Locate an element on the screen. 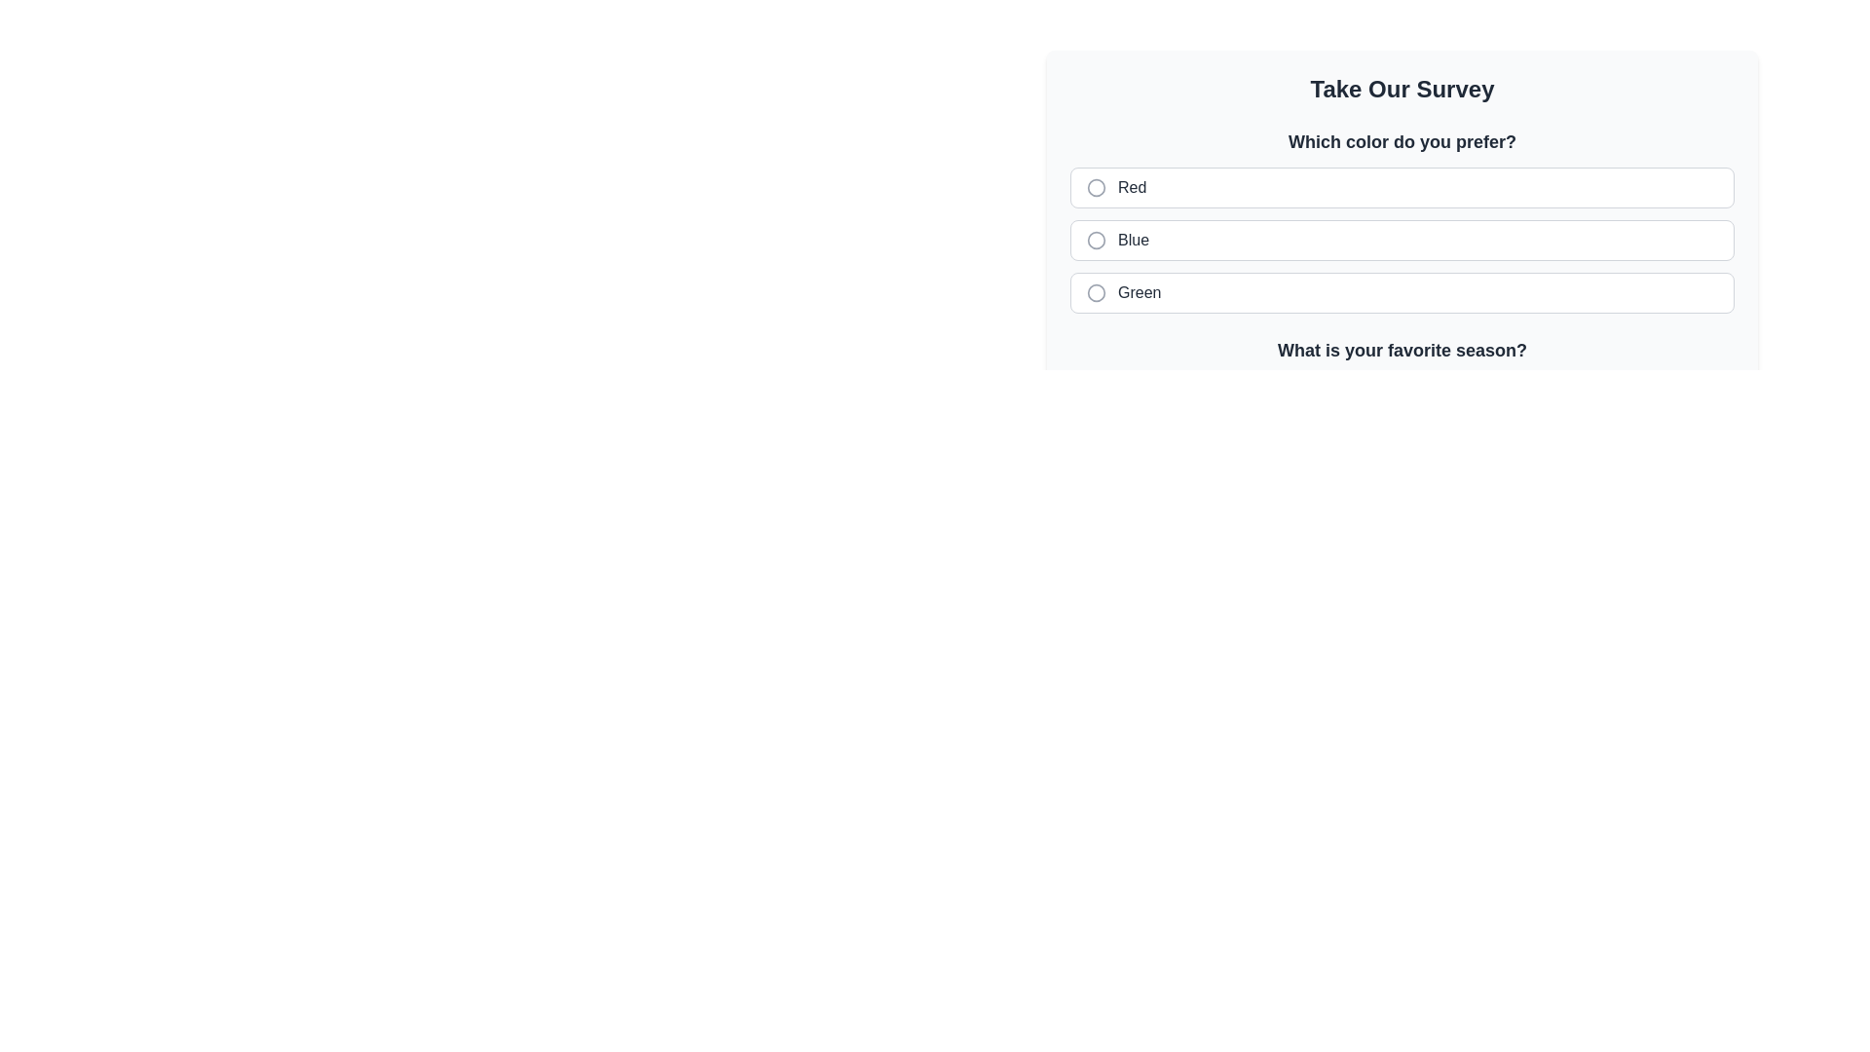 This screenshot has width=1870, height=1052. the radio button is located at coordinates (1402, 239).